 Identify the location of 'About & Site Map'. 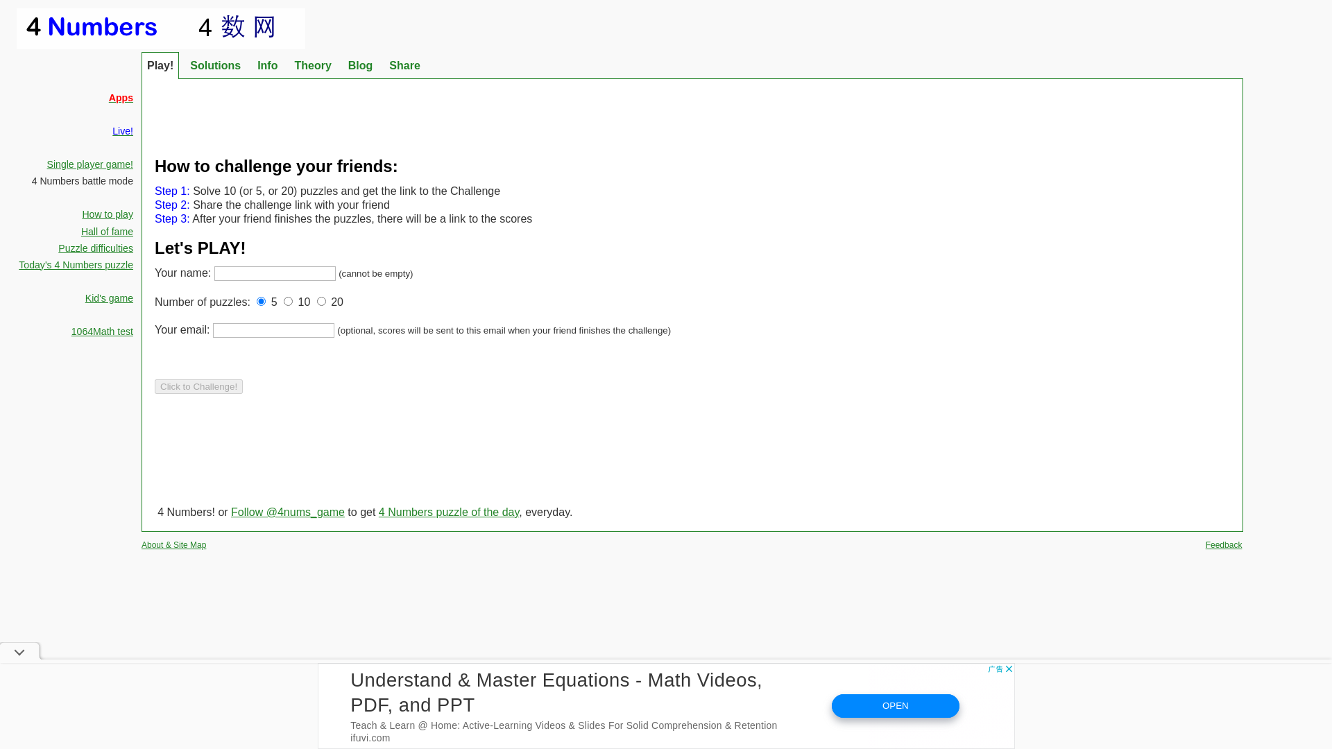
(173, 544).